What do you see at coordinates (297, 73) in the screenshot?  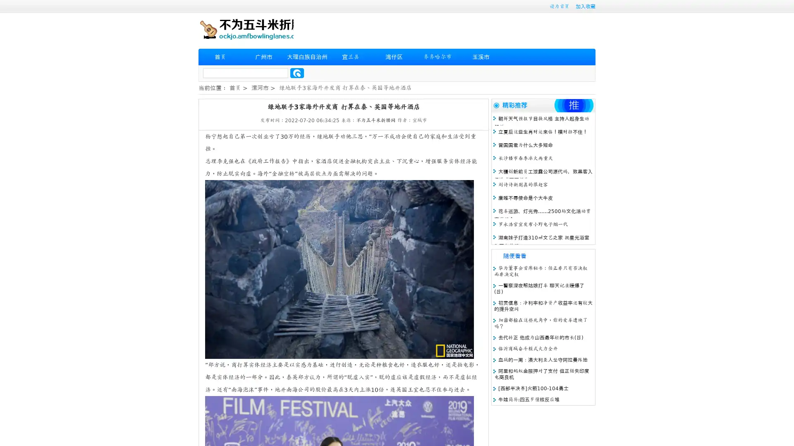 I see `Search` at bounding box center [297, 73].